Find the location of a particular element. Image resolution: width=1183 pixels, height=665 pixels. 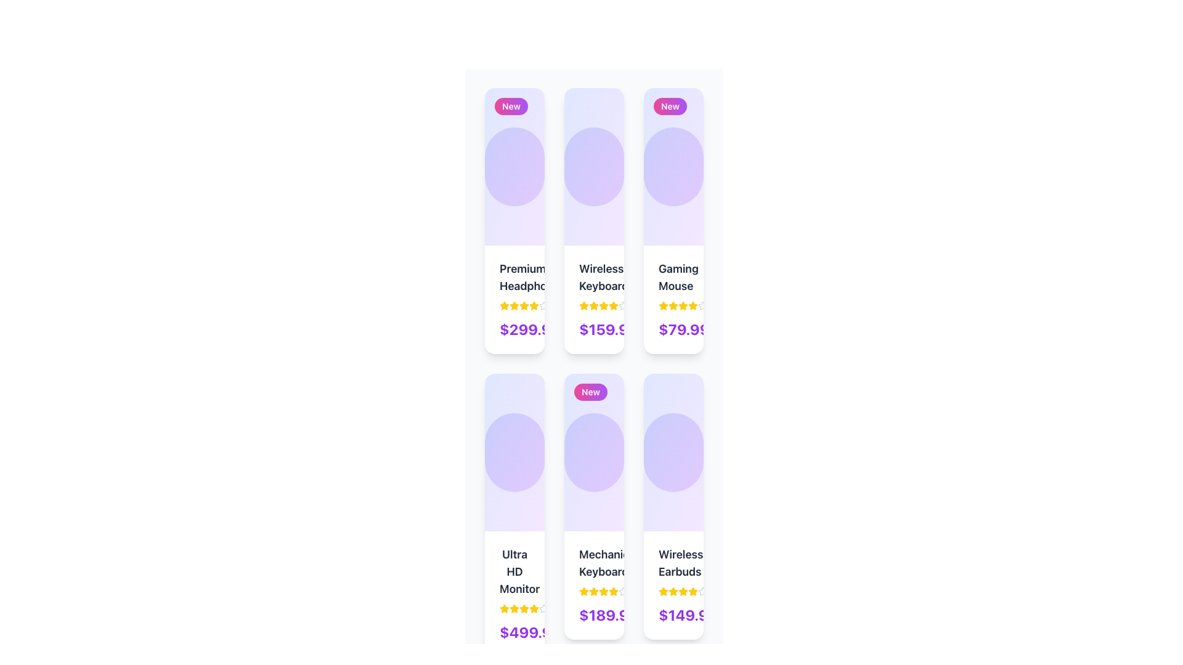

the price text label of the 'Gaming Mouse', located at the bottom of the card, directly below the 'Gaming Mouse' text and rating stars is located at coordinates (673, 329).